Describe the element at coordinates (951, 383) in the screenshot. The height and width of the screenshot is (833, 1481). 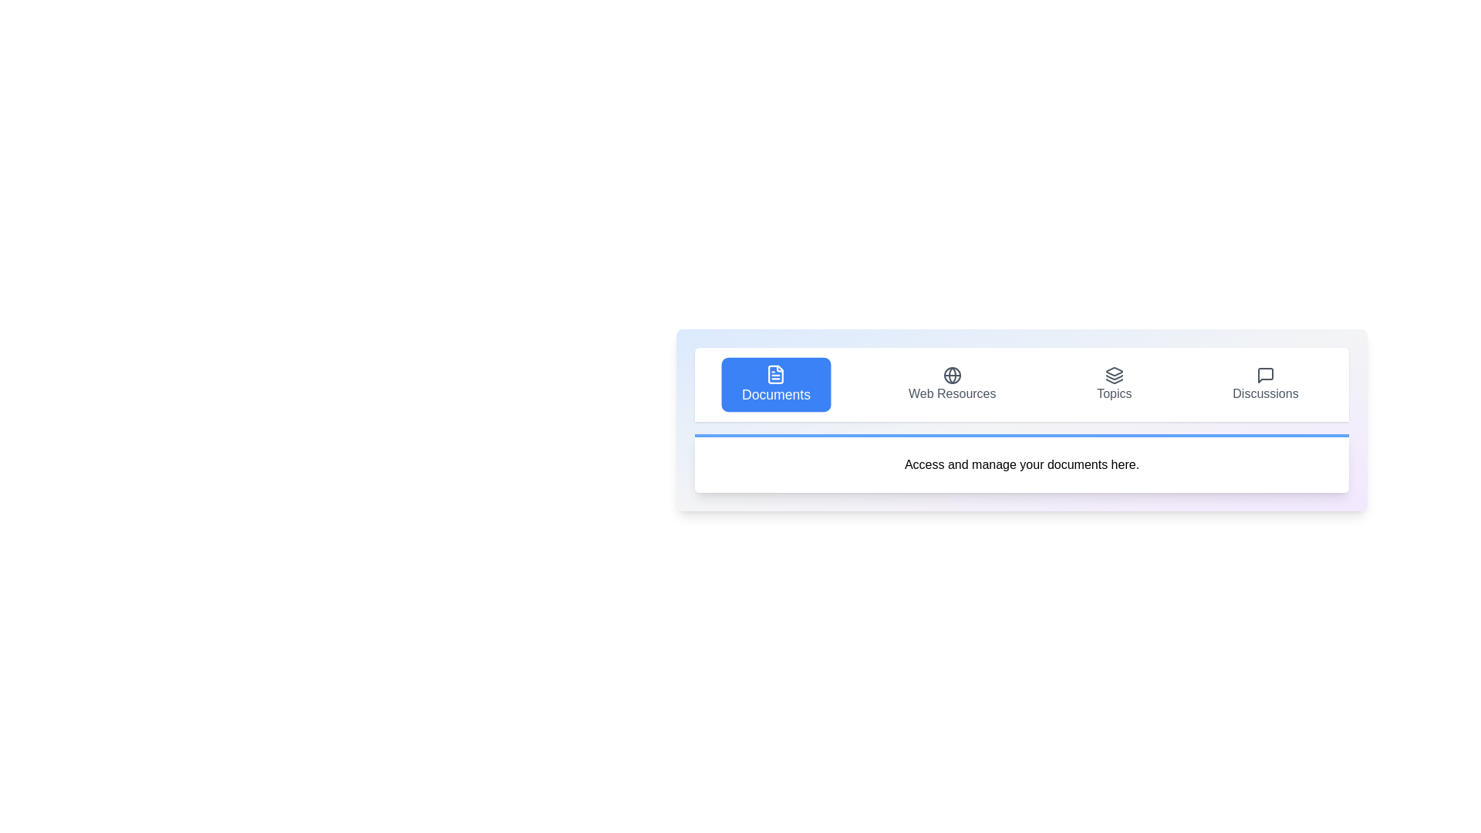
I see `the Web Resources tab to switch views` at that location.